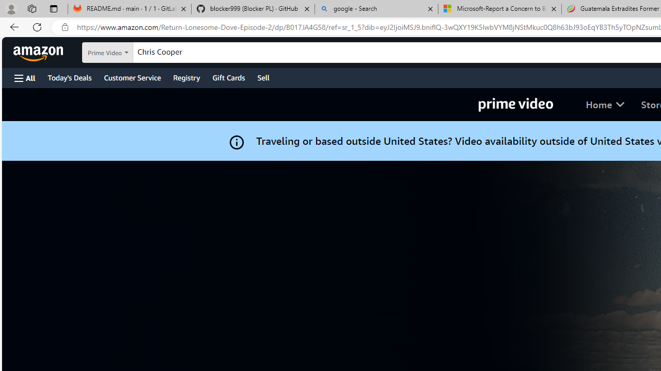  Describe the element at coordinates (133, 53) in the screenshot. I see `'Search in'` at that location.